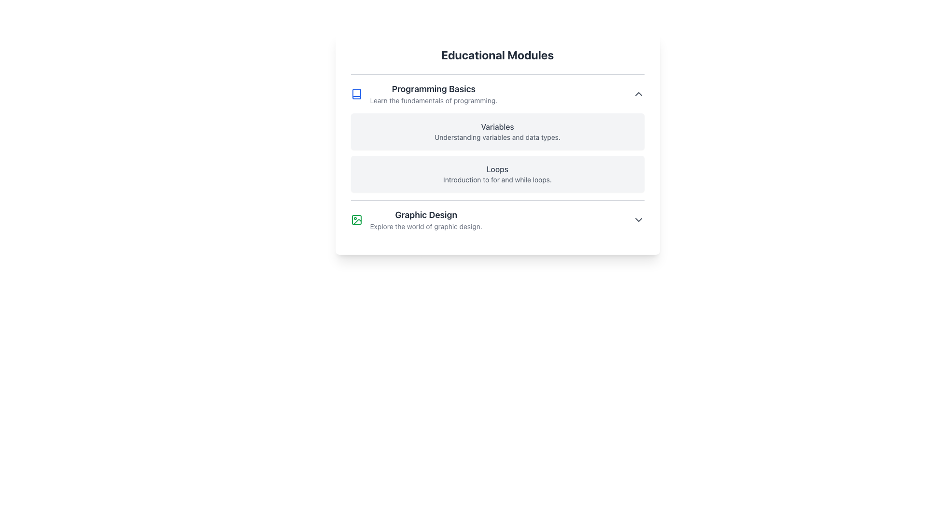  What do you see at coordinates (497, 137) in the screenshot?
I see `the Text Description element that reads 'Understanding variables and data types.', which is located beneath the title 'Variables' in the 'Variables' card` at bounding box center [497, 137].